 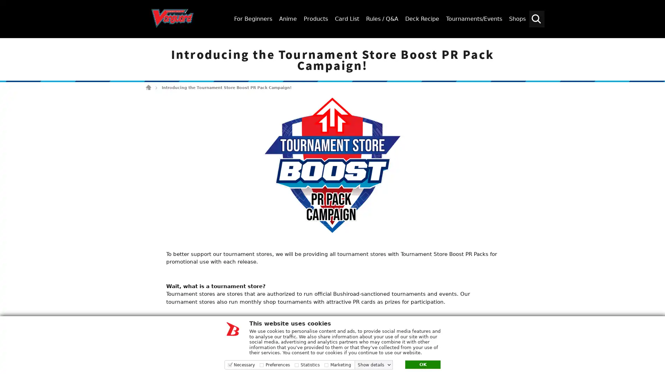 I want to click on Search, so click(x=656, y=44).